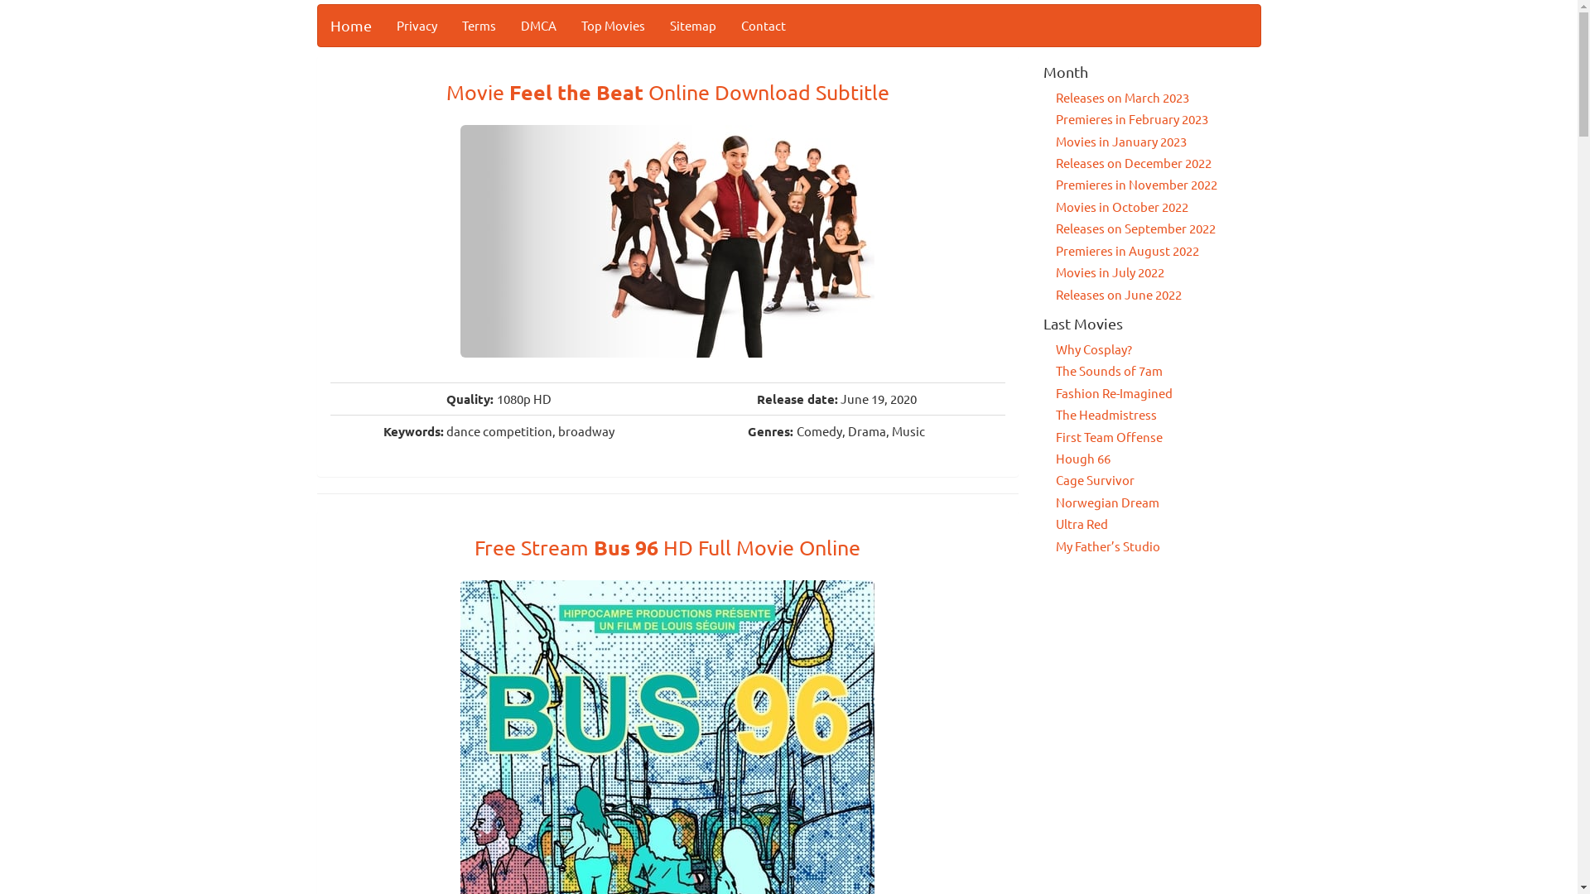 The height and width of the screenshot is (894, 1590). Describe the element at coordinates (1131, 118) in the screenshot. I see `'Premieres in February 2023'` at that location.